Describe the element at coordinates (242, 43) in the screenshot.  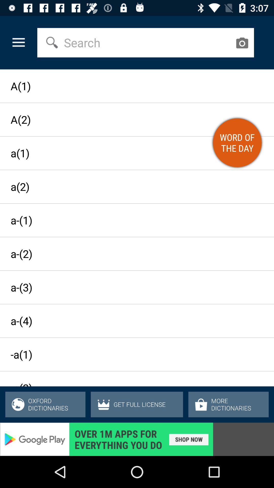
I see `take photo` at that location.